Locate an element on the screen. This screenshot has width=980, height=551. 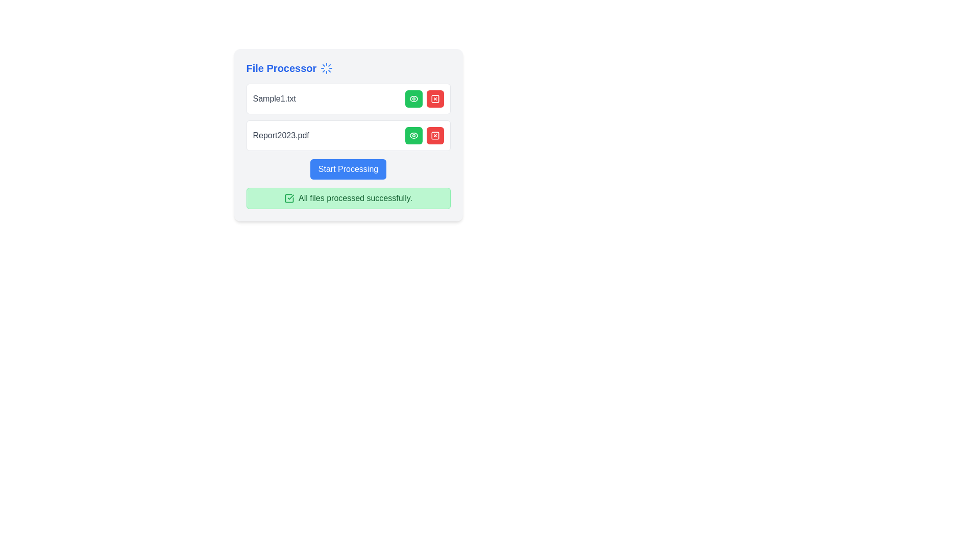
the rectangular icon button located at the far right of a file entry line is located at coordinates (435, 135).